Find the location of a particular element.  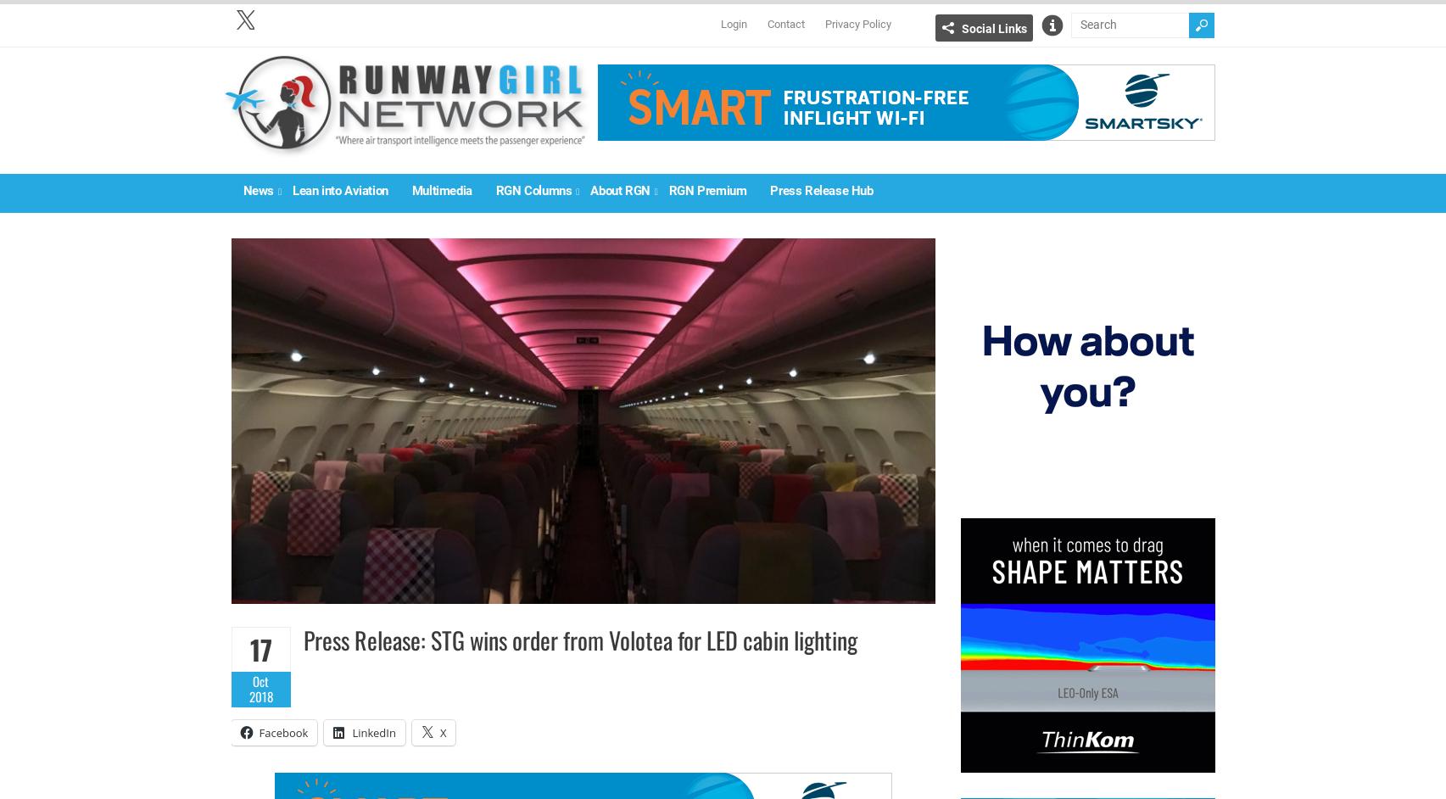

'Oct' is located at coordinates (260, 679).